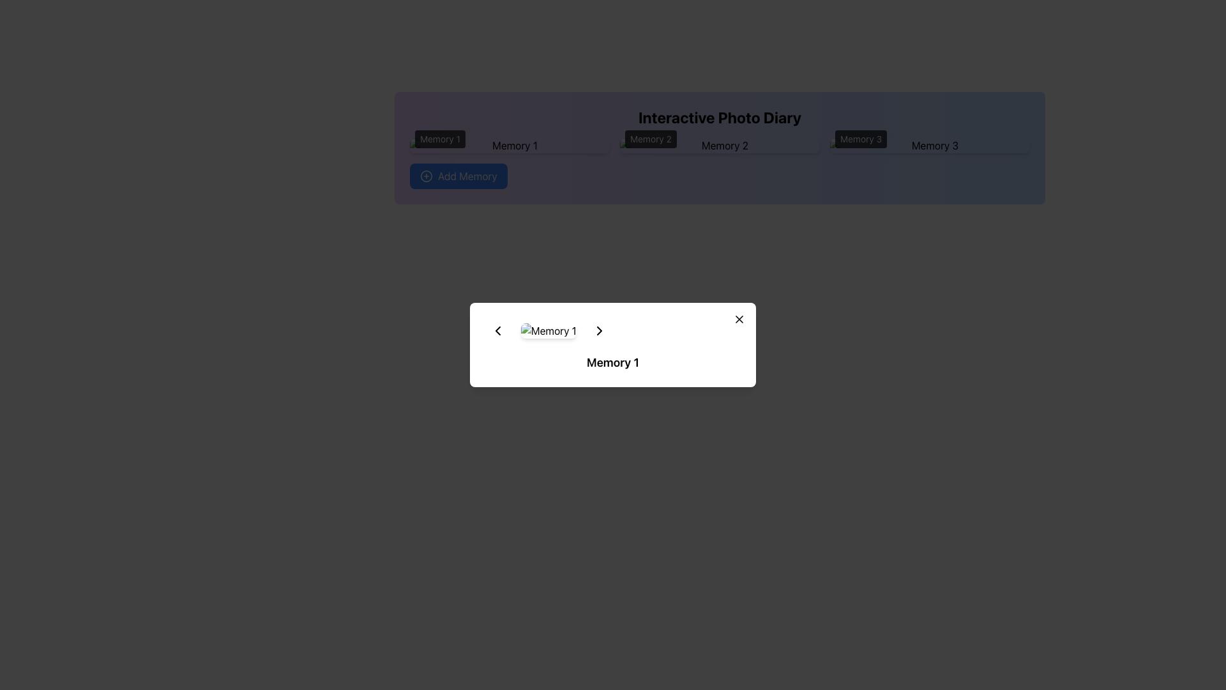 The image size is (1226, 690). What do you see at coordinates (497, 330) in the screenshot?
I see `the chevron arrow icon` at bounding box center [497, 330].